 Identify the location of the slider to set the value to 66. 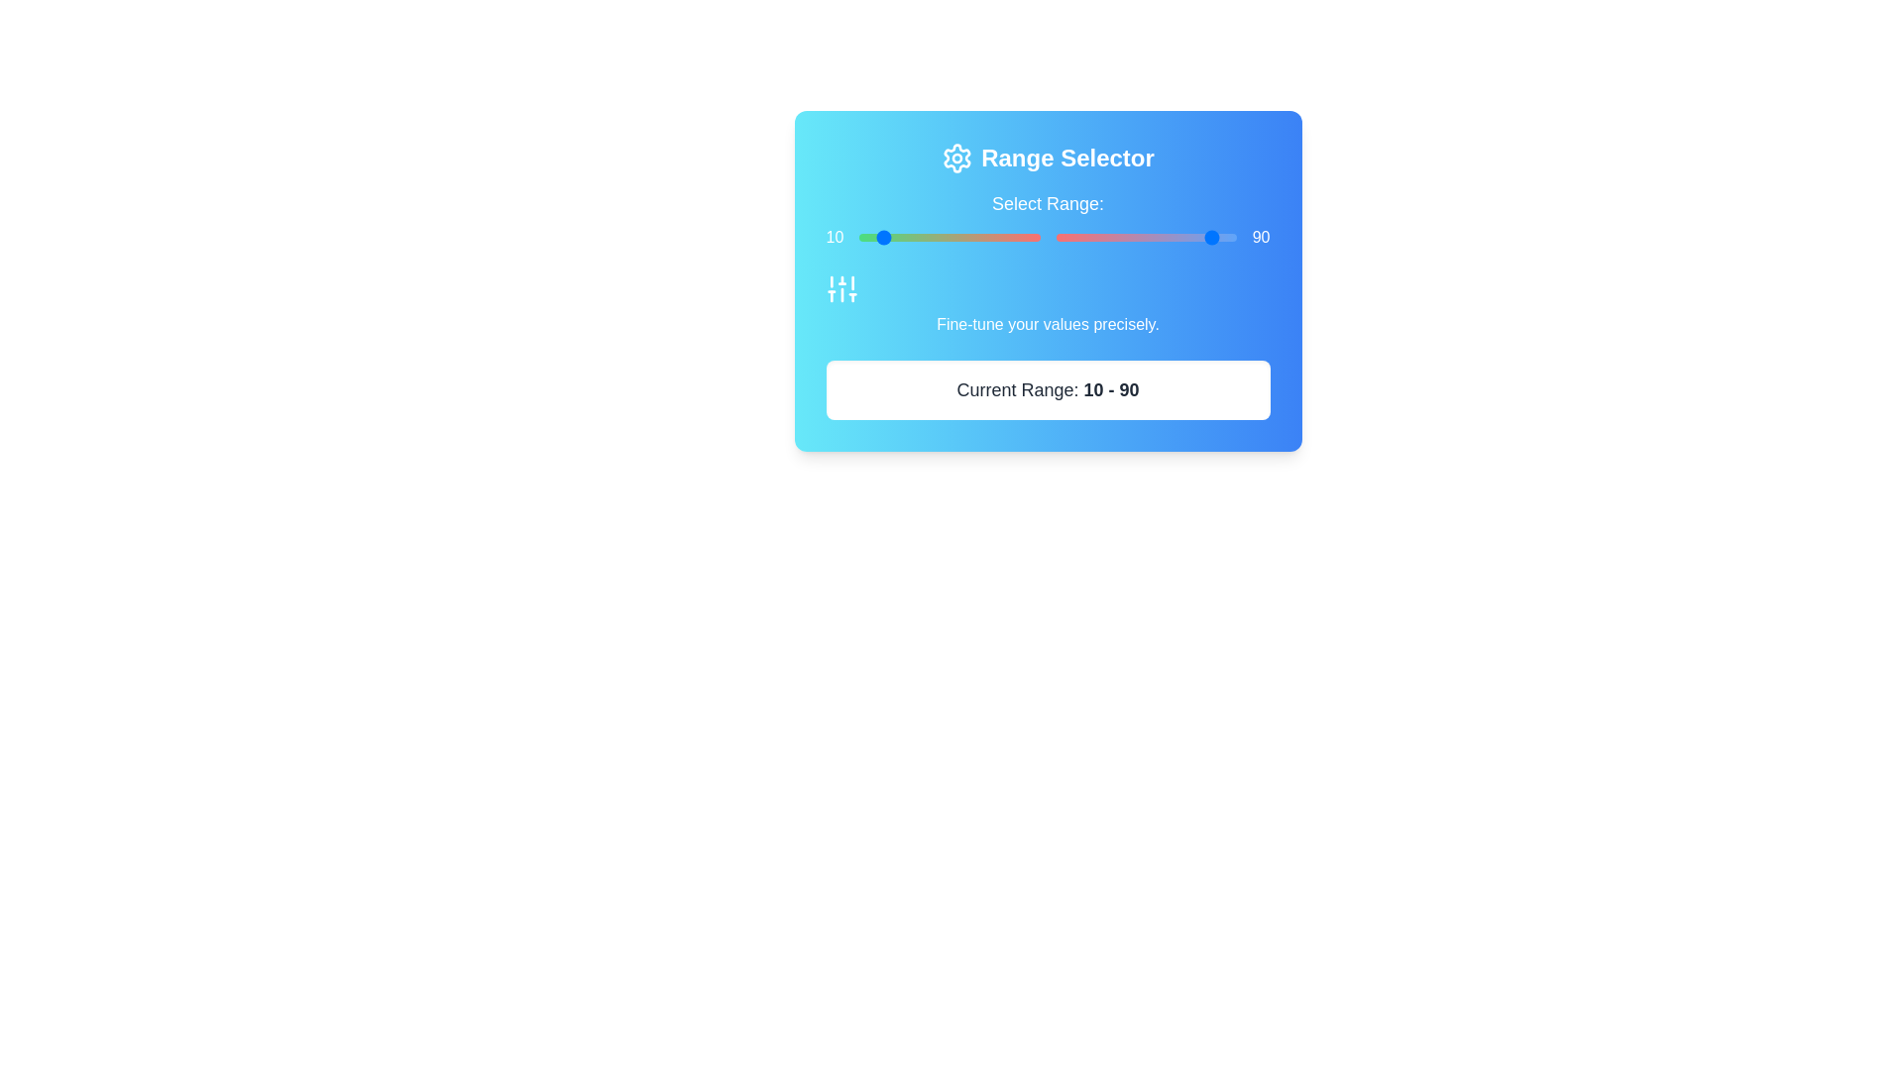
(1107, 236).